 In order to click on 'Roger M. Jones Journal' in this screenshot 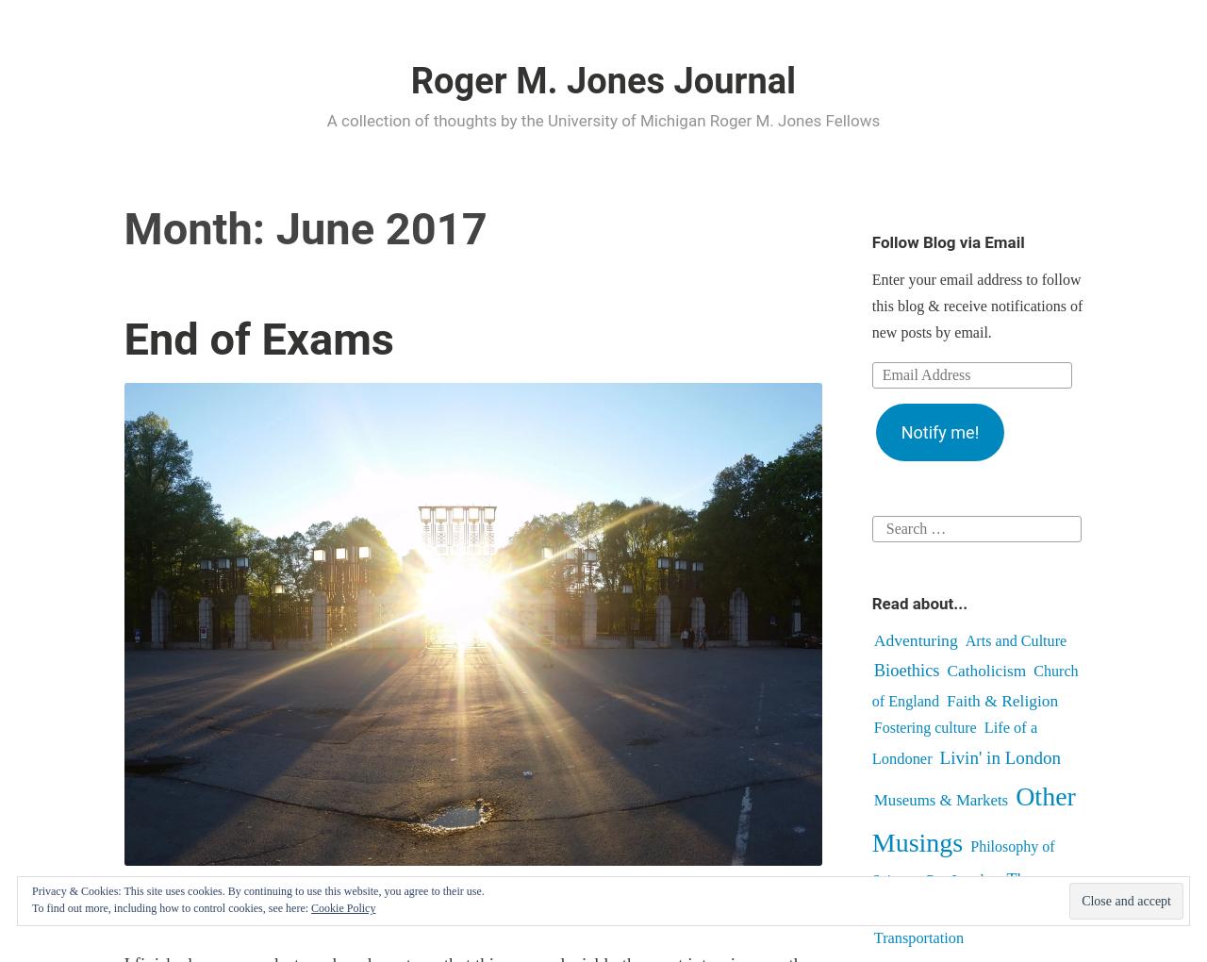, I will do `click(602, 79)`.